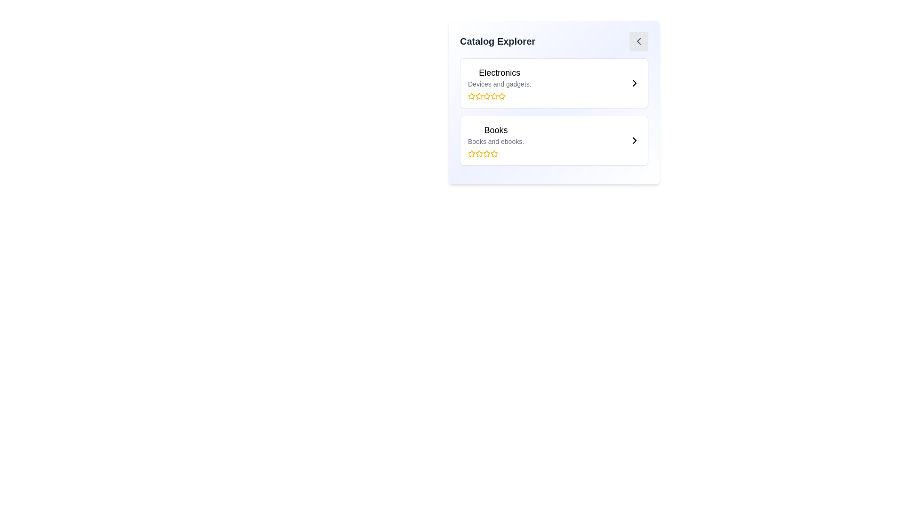  I want to click on the chevron left icon, which is a black minimalist representation used for navigation and is located in the top-right corner of the Catalog Explorer card, so click(639, 41).